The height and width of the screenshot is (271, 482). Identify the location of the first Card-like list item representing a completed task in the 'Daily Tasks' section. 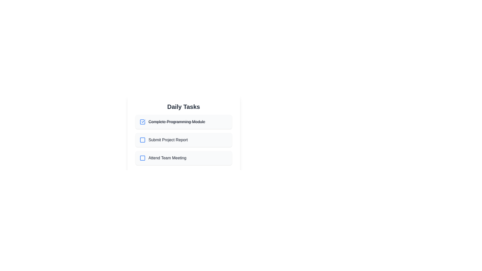
(183, 122).